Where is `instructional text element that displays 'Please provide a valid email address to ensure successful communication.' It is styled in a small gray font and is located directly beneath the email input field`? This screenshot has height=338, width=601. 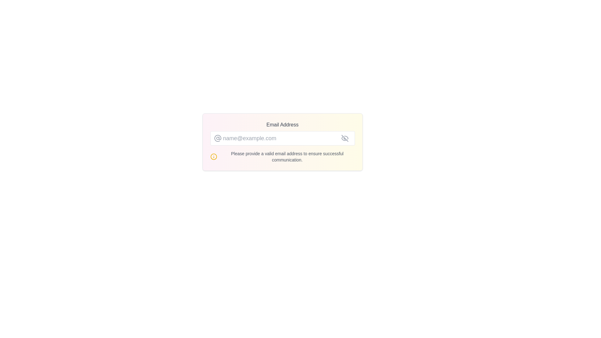 instructional text element that displays 'Please provide a valid email address to ensure successful communication.' It is styled in a small gray font and is located directly beneath the email input field is located at coordinates (287, 156).